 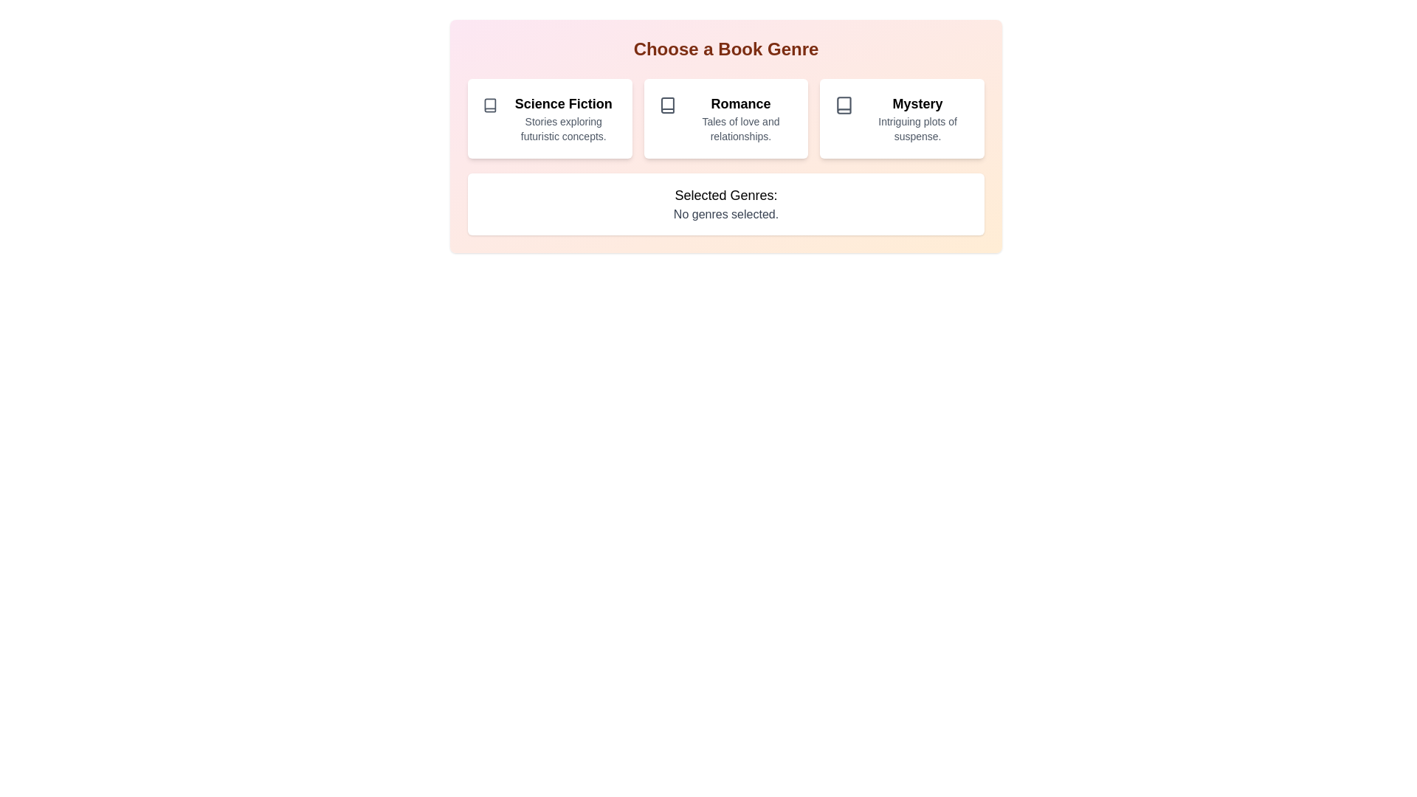 What do you see at coordinates (725, 118) in the screenshot?
I see `the Selectable Card titled 'Romance' which displays a bold title and a description below it, located in the center of a horizontal genre selection menu` at bounding box center [725, 118].